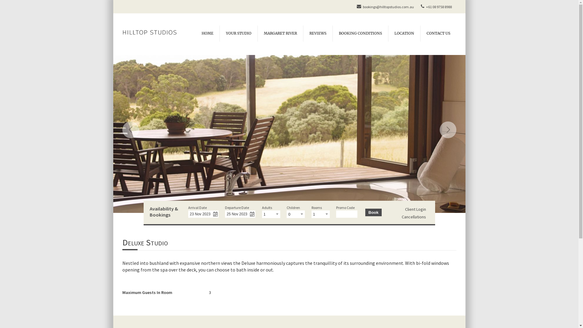 The image size is (583, 328). I want to click on 'HOME', so click(207, 33).